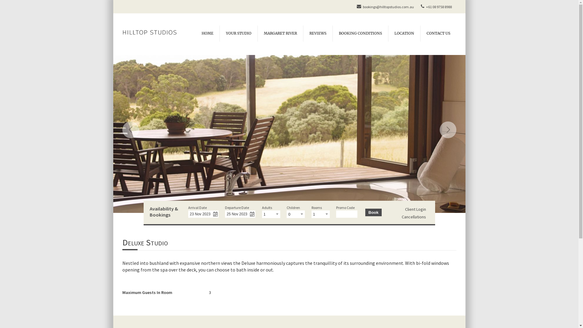 The image size is (583, 328). I want to click on 'HOME', so click(207, 33).